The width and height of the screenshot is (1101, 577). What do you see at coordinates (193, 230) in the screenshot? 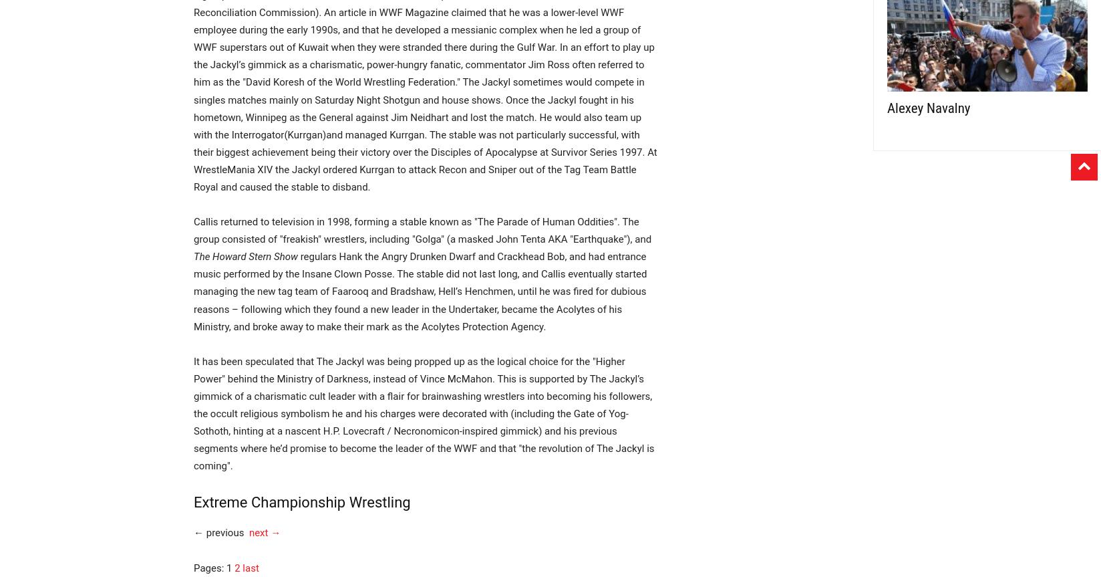
I see `'Callis returned to television in 1998, forming a stable known as "The Parade of Human Oddities". The group consisted of "freakish" wrestlers, including "Golga" (a masked John Tenta AKA "Earthquake"), and'` at bounding box center [193, 230].